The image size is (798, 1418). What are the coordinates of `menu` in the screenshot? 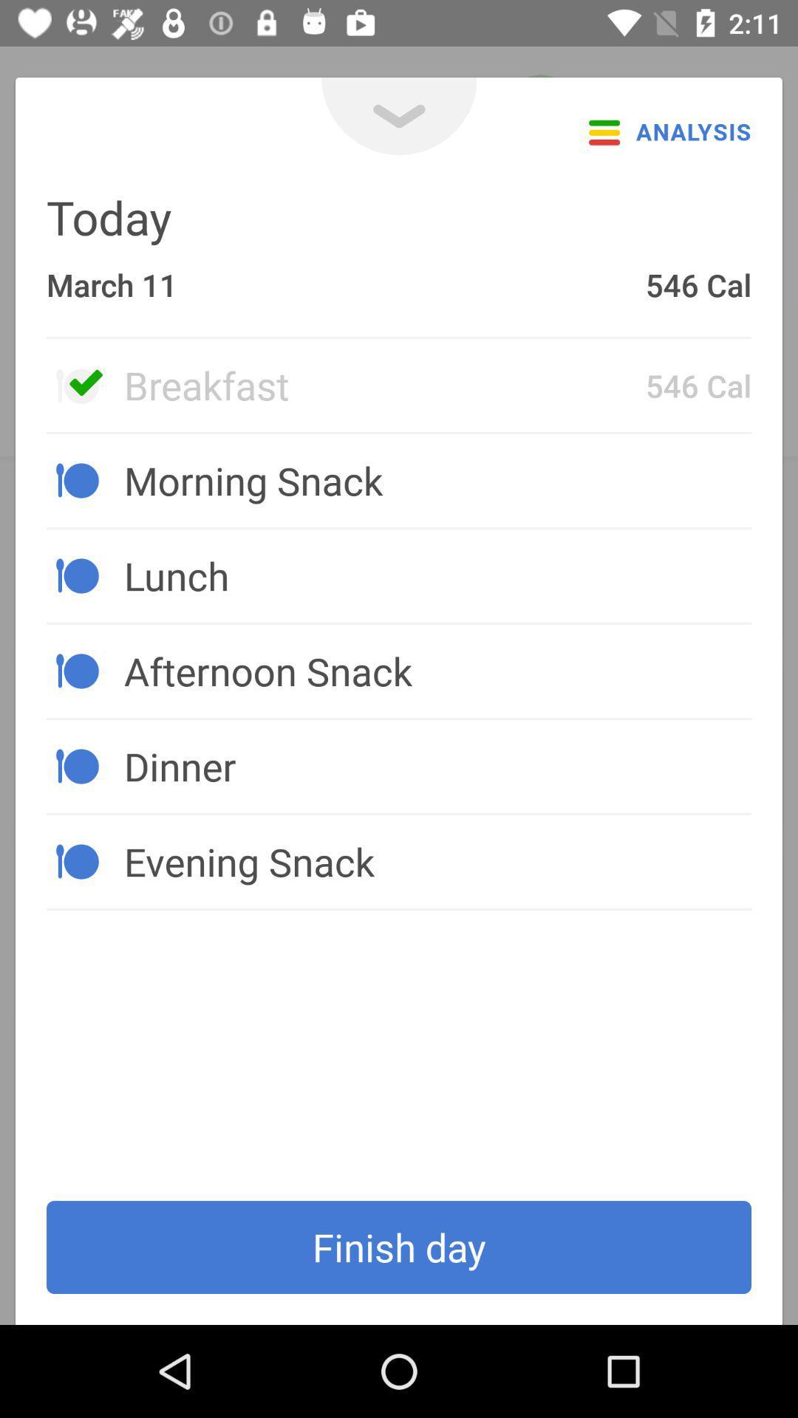 It's located at (399, 115).